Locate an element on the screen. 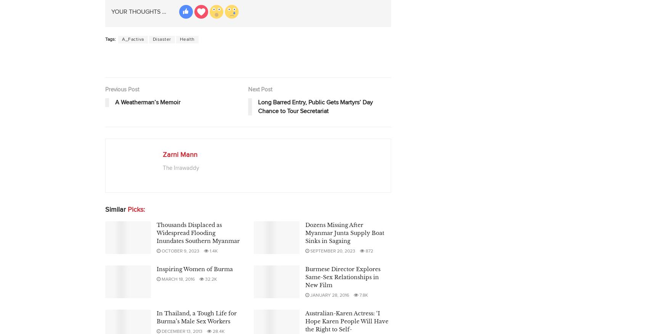 The width and height of the screenshot is (645, 334). 'Disaster' is located at coordinates (161, 39).